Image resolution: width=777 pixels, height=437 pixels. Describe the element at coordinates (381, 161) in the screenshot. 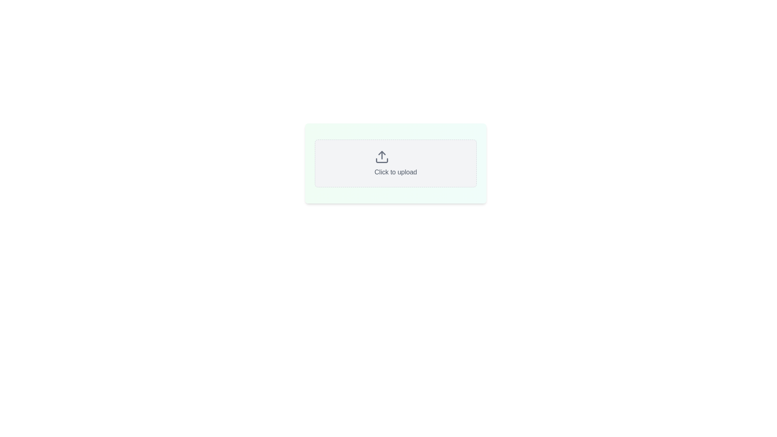

I see `the decorative shape element that represents the base of the upload icon within the SVG graphic, which is positioned below the arrow and above the vertical line` at that location.